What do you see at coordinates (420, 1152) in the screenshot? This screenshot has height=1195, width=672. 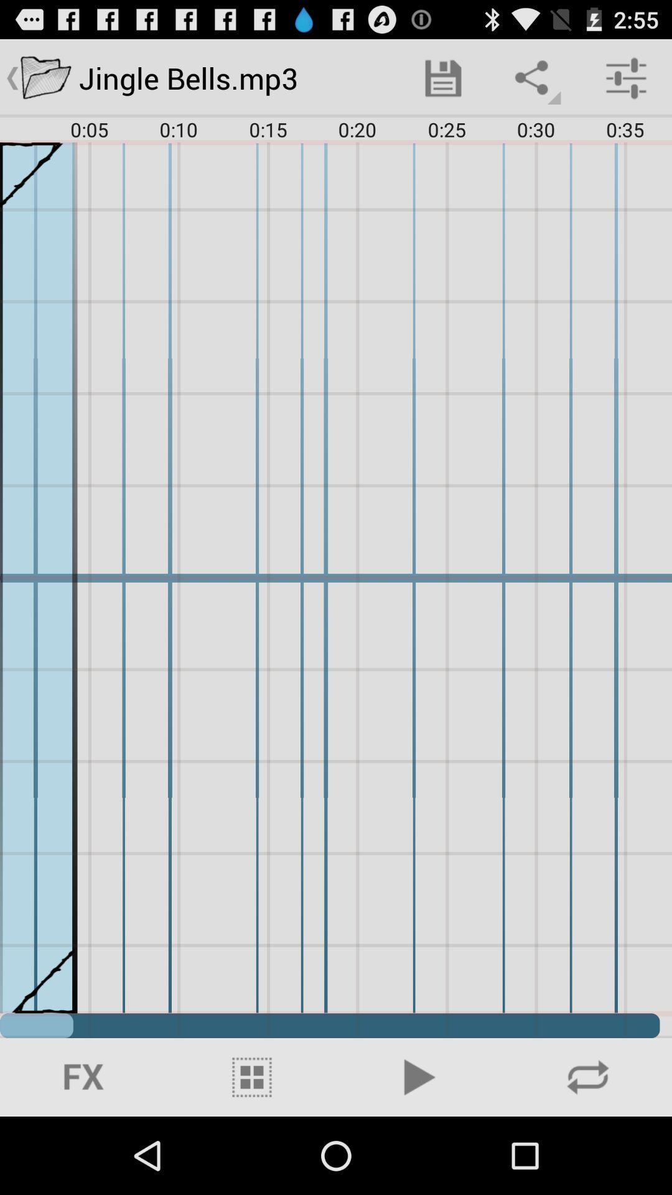 I see `the play icon` at bounding box center [420, 1152].